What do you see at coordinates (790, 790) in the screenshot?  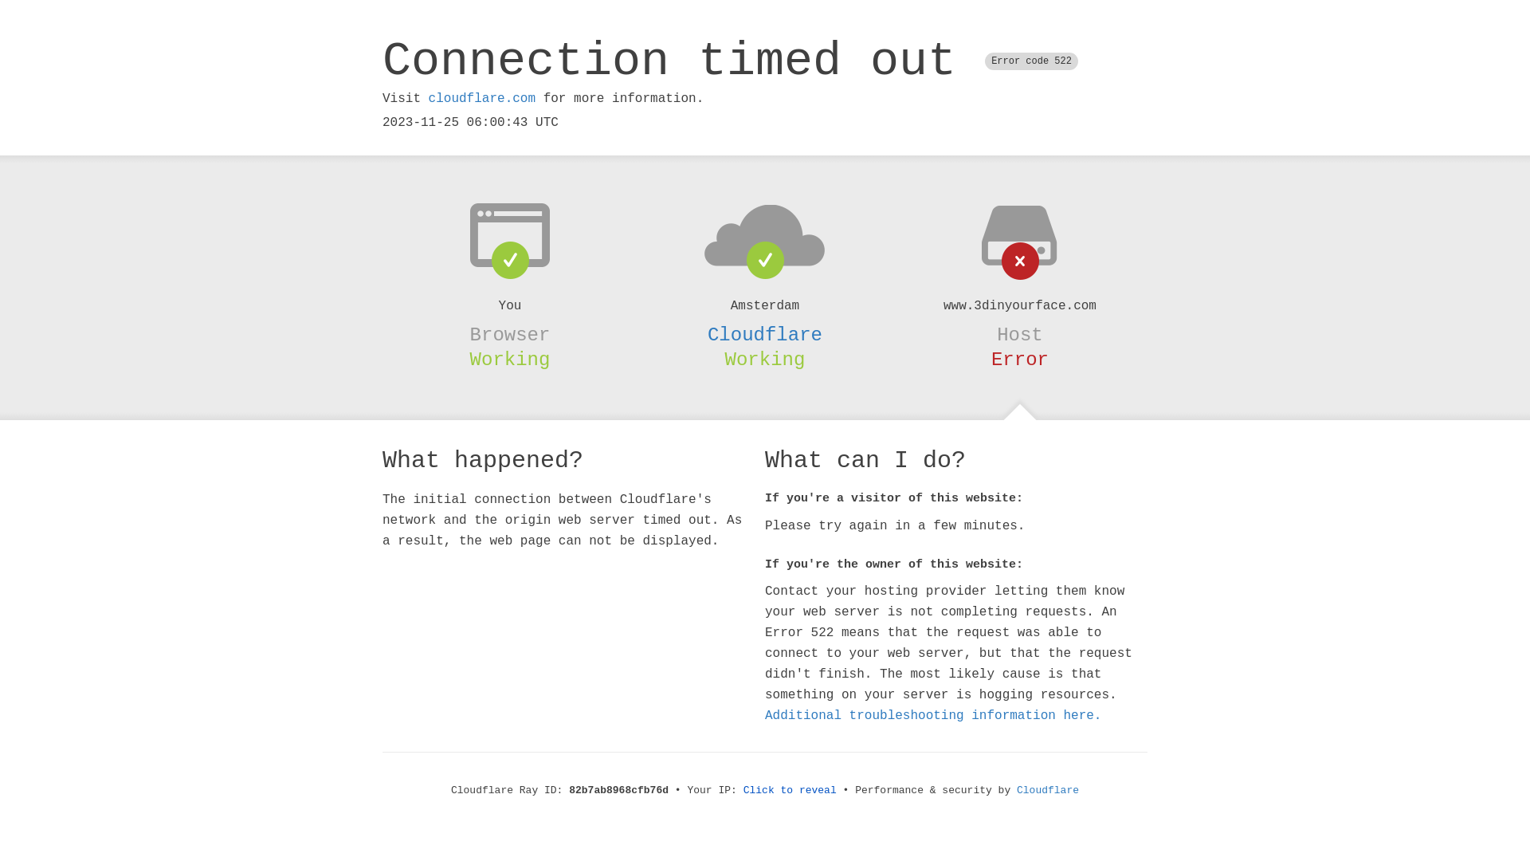 I see `'Click to reveal'` at bounding box center [790, 790].